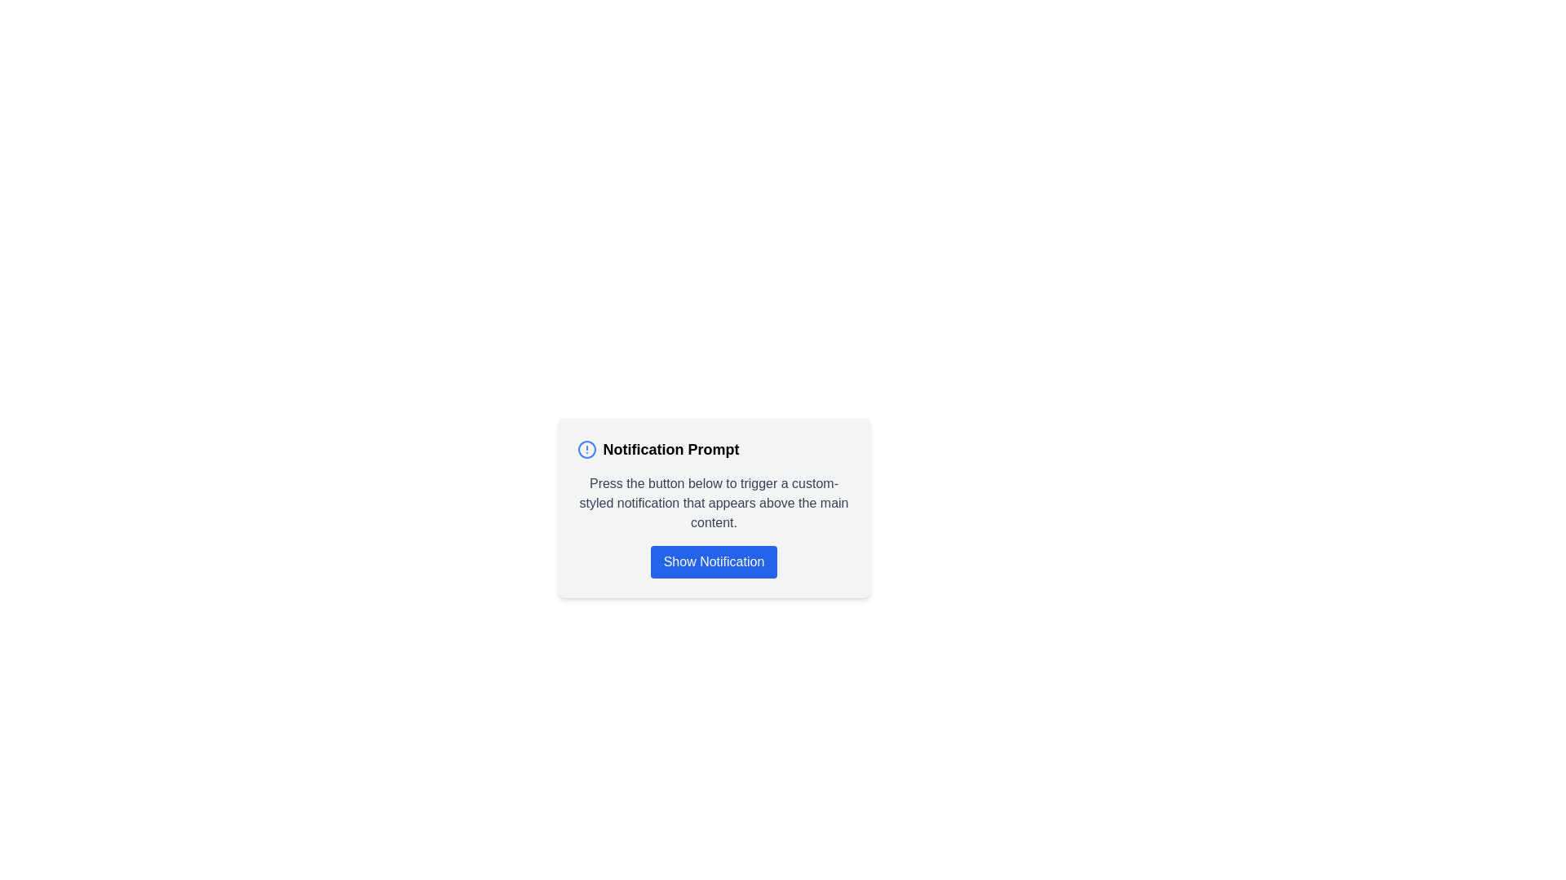 This screenshot has width=1566, height=880. I want to click on the button located at the bottom of the notification prompt panel, which triggers a custom-styled notification to appear above the main content of the application, so click(714, 561).